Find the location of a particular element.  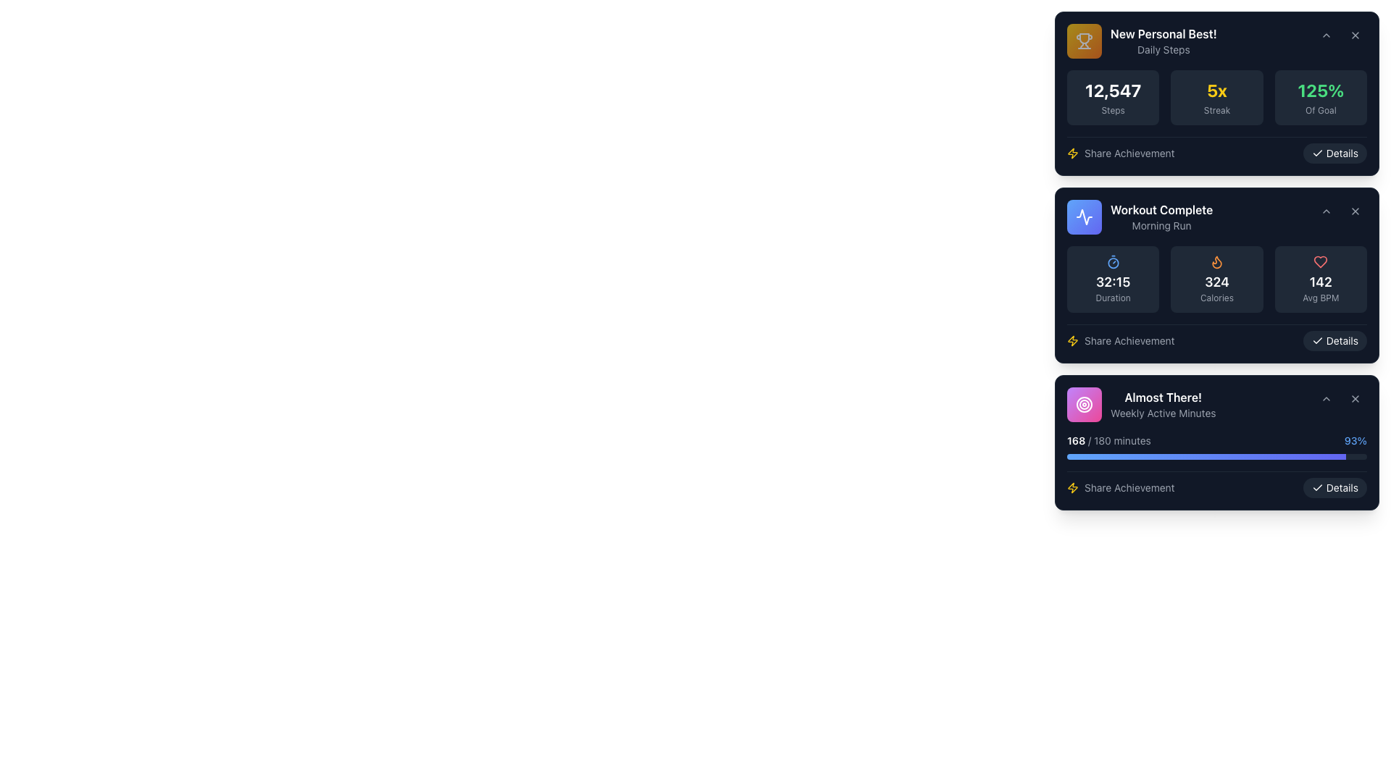

the 'Share Achievement' text label with a lightning bolt icon located at the bottom left corner of the third card in the vertically stacked list is located at coordinates (1120, 488).